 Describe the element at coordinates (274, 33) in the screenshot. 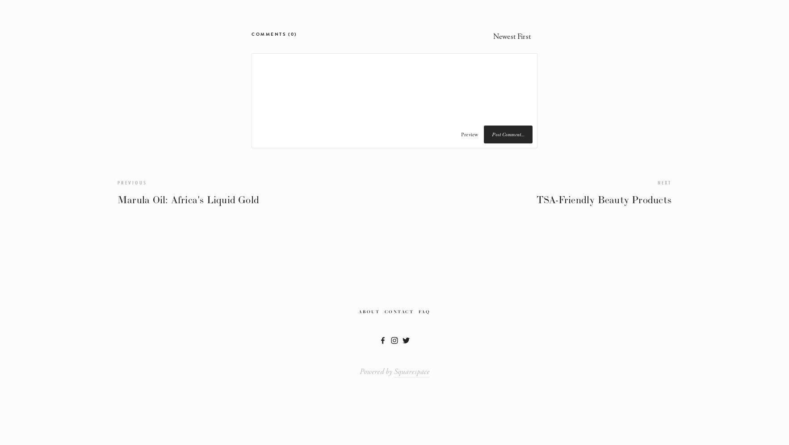

I see `'Comments (0)'` at that location.